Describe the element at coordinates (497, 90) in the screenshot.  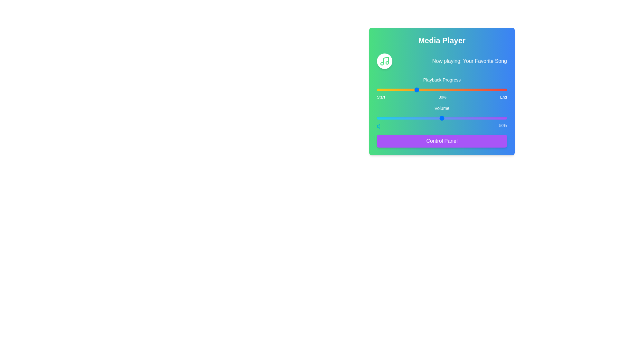
I see `the playback progress to 93% by interacting with the slider` at that location.